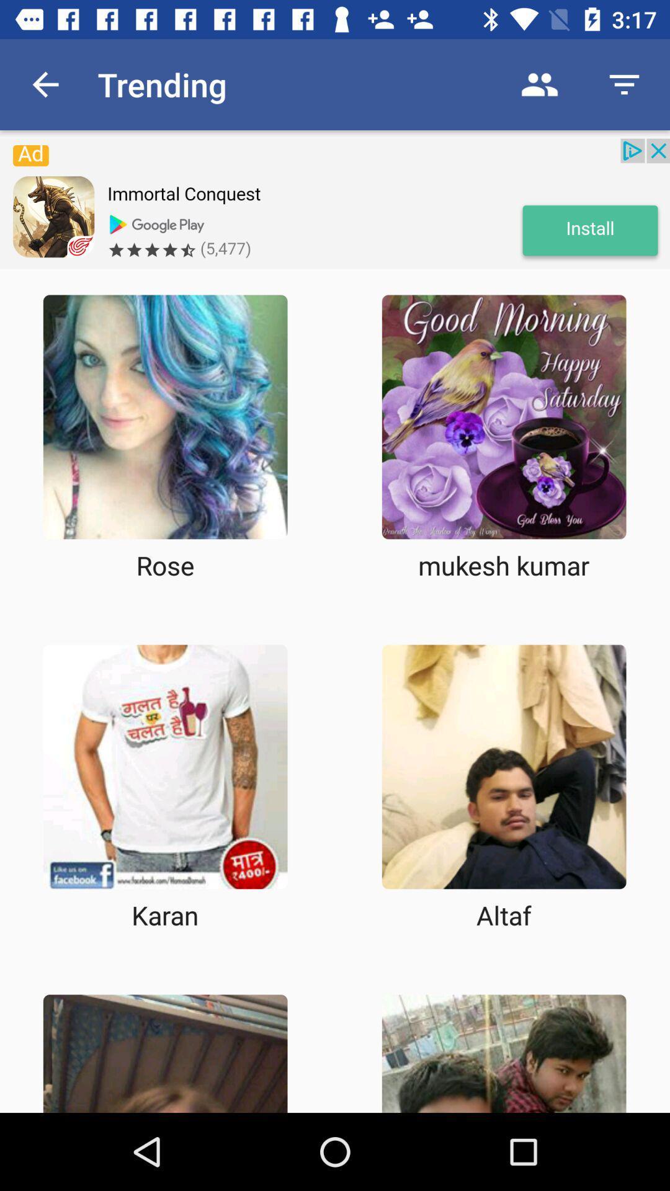 The height and width of the screenshot is (1191, 670). Describe the element at coordinates (164, 417) in the screenshot. I see `picture selecting` at that location.